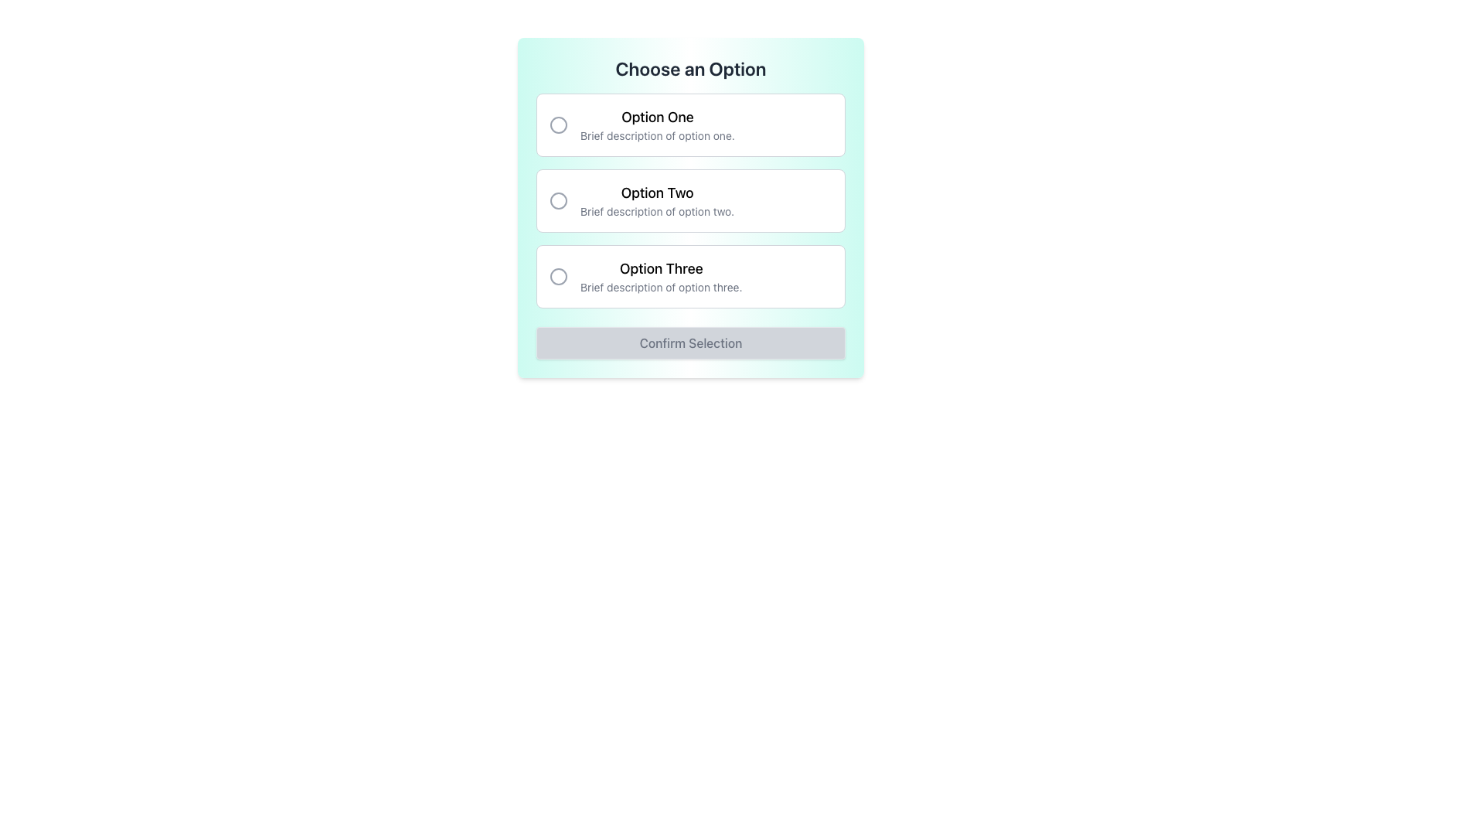 The image size is (1484, 835). What do you see at coordinates (558, 124) in the screenshot?
I see `the first circular radio button for 'Option One' in the vertical list of options` at bounding box center [558, 124].